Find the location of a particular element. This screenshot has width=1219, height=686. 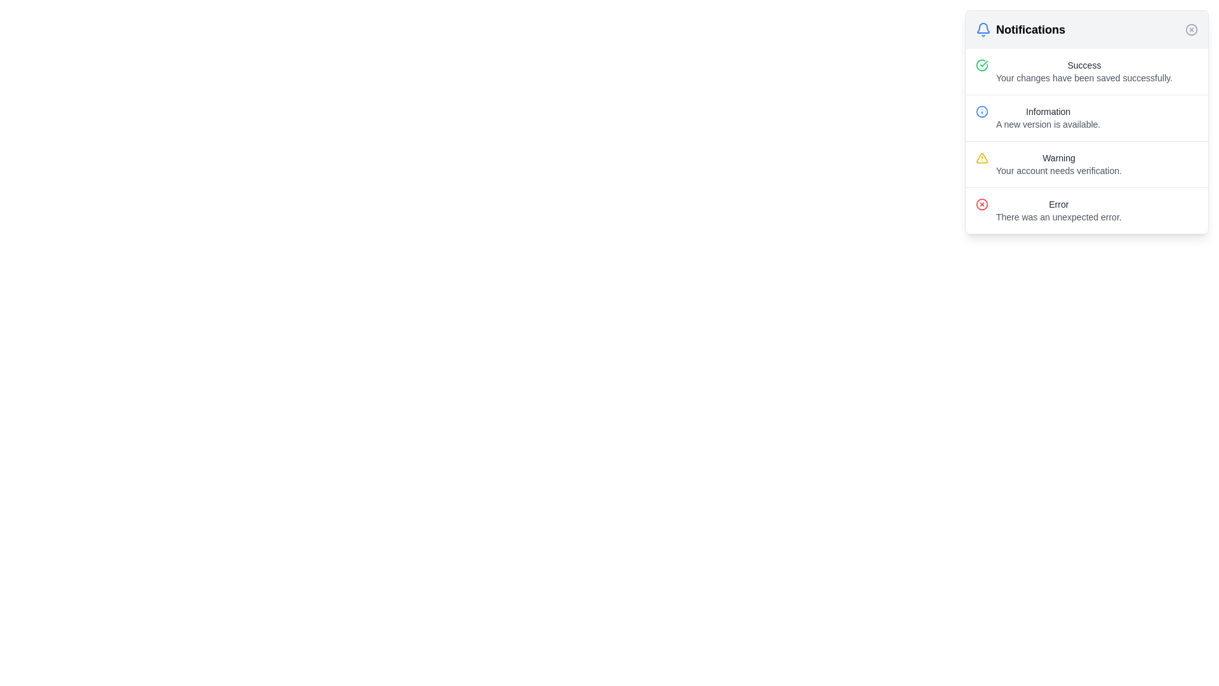

the text and heading notification that informs the user about the availability of a new version, located below 'Success' and above 'Warning' in the right-aligned panel is located at coordinates (1048, 118).